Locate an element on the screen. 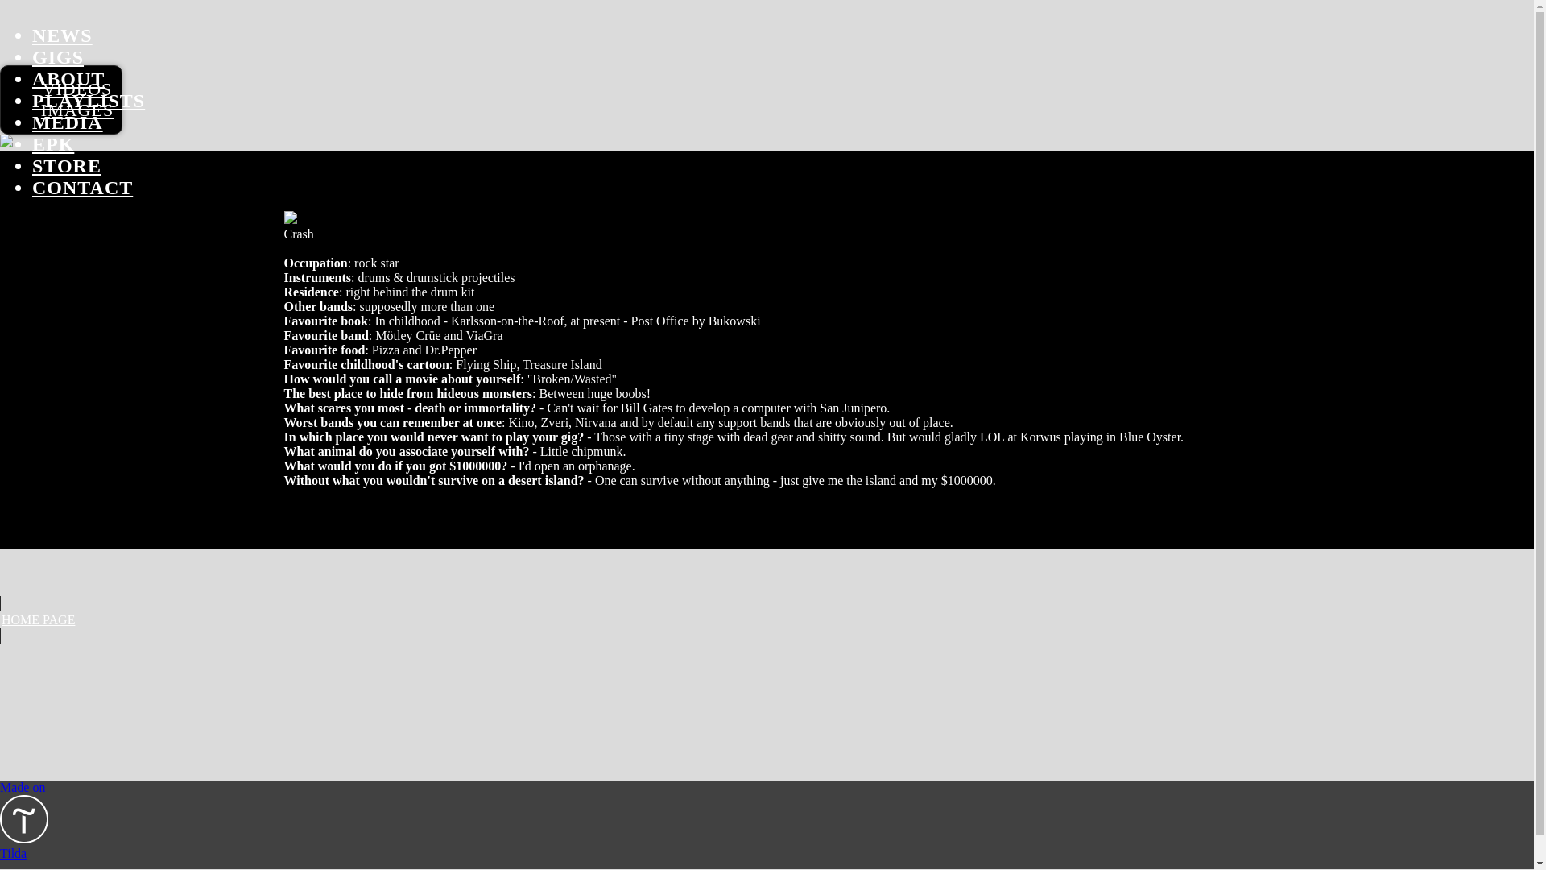 This screenshot has width=1546, height=870. 'NEWS' is located at coordinates (62, 35).